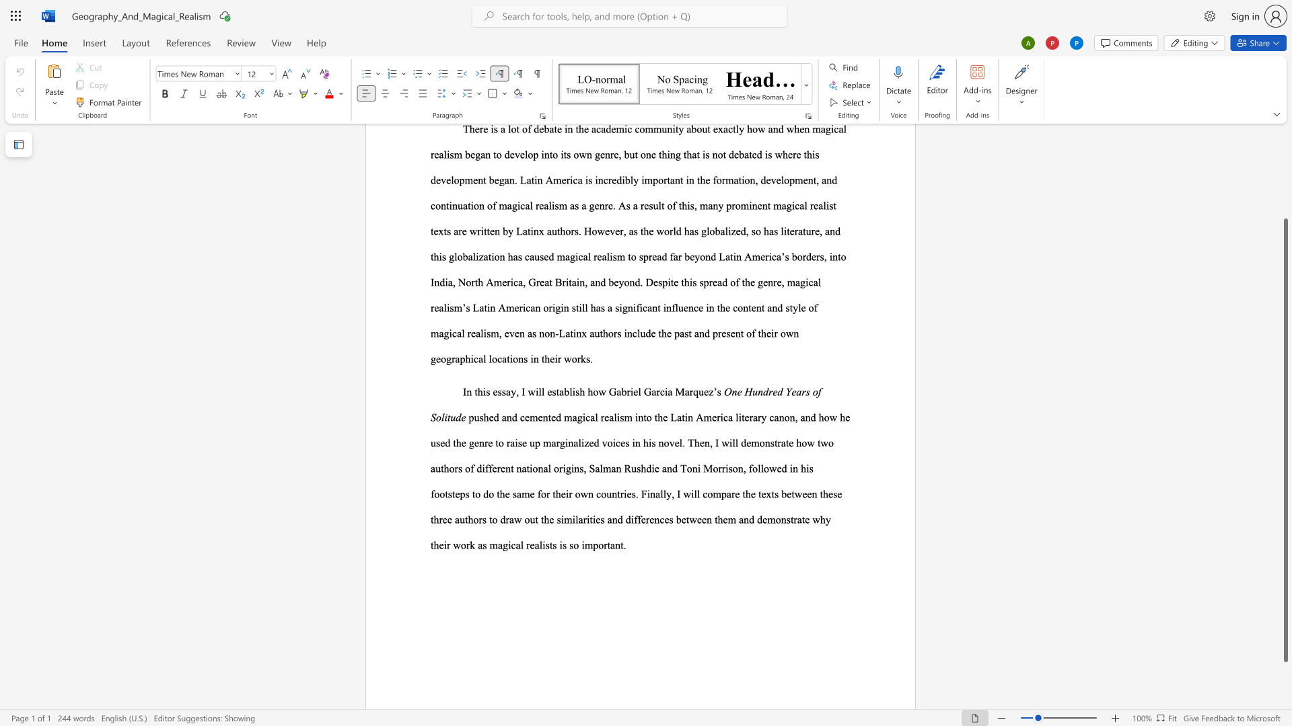  What do you see at coordinates (1285, 182) in the screenshot?
I see `the vertical scrollbar to raise the page content` at bounding box center [1285, 182].